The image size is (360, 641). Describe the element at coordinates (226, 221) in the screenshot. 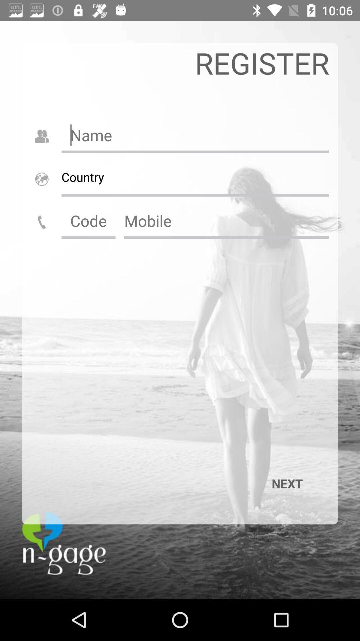

I see `search` at that location.